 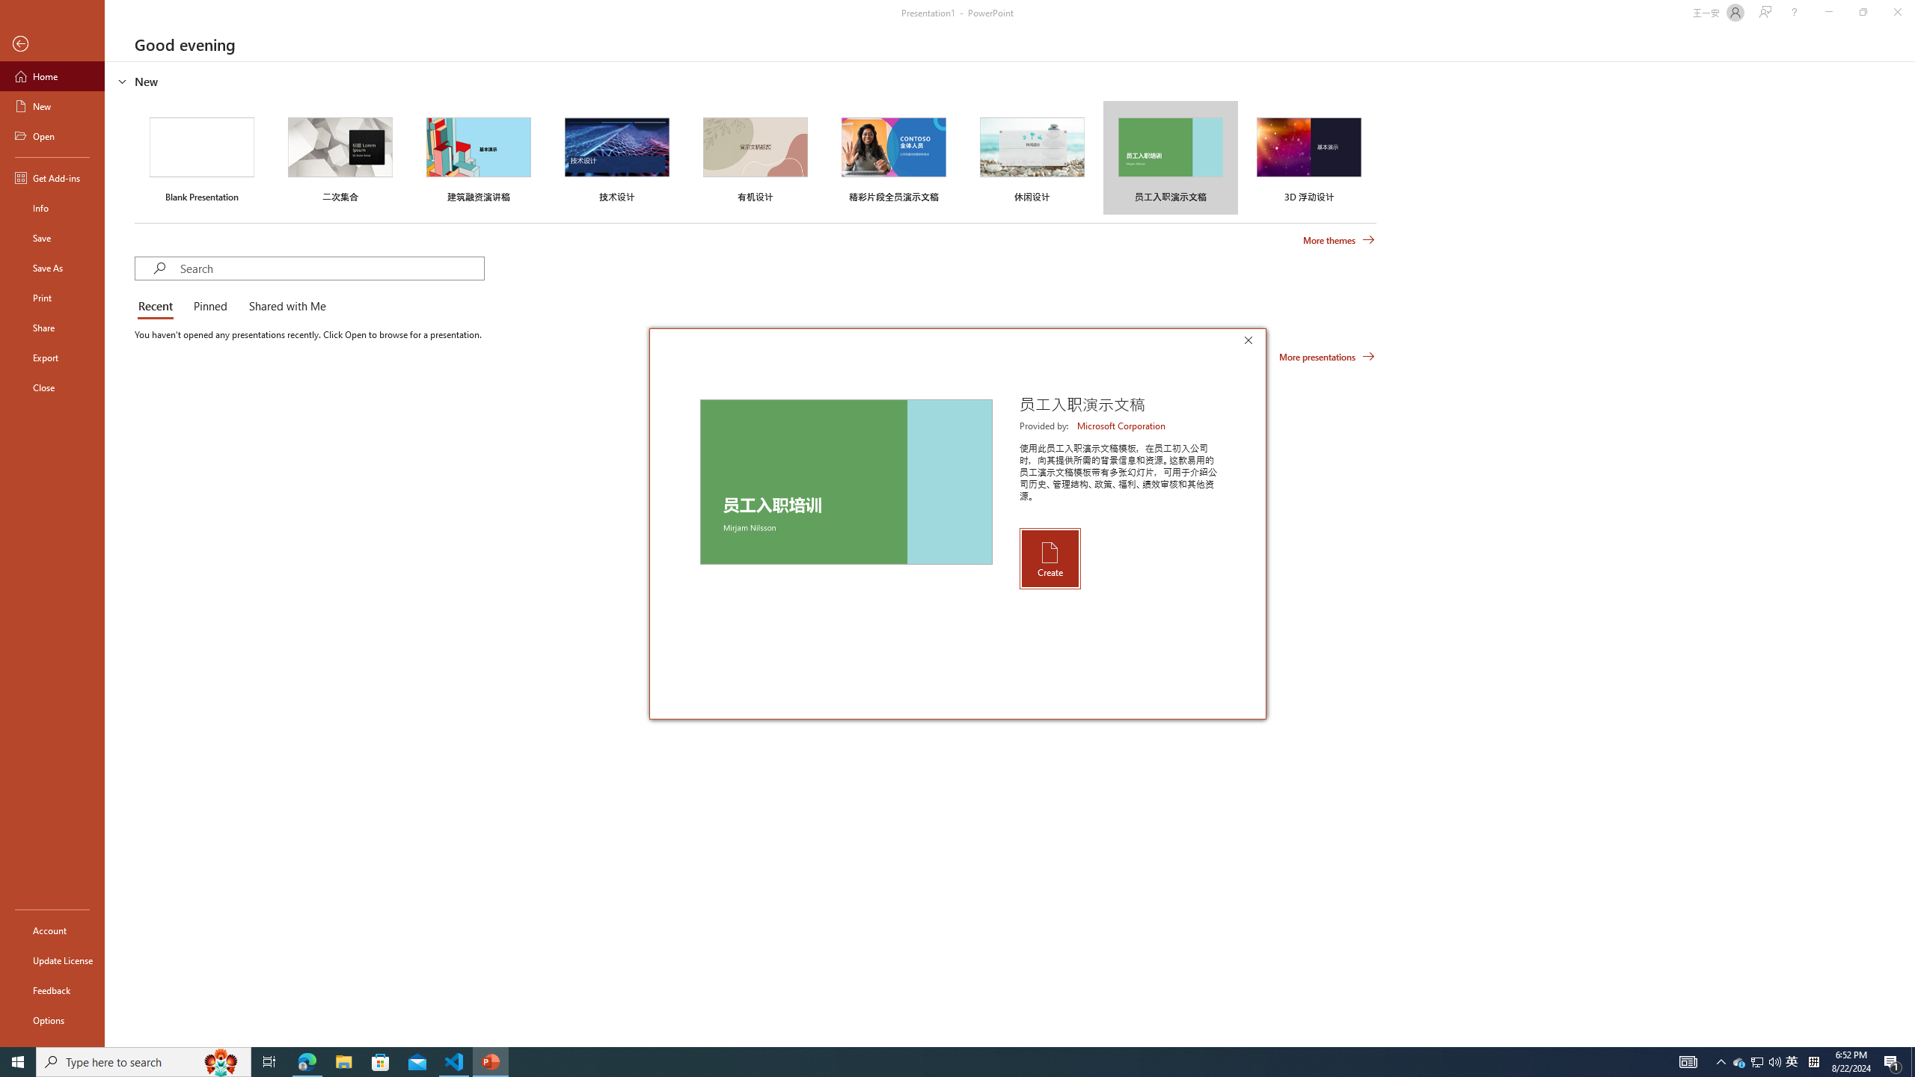 What do you see at coordinates (1122, 425) in the screenshot?
I see `'Microsoft Corporation'` at bounding box center [1122, 425].